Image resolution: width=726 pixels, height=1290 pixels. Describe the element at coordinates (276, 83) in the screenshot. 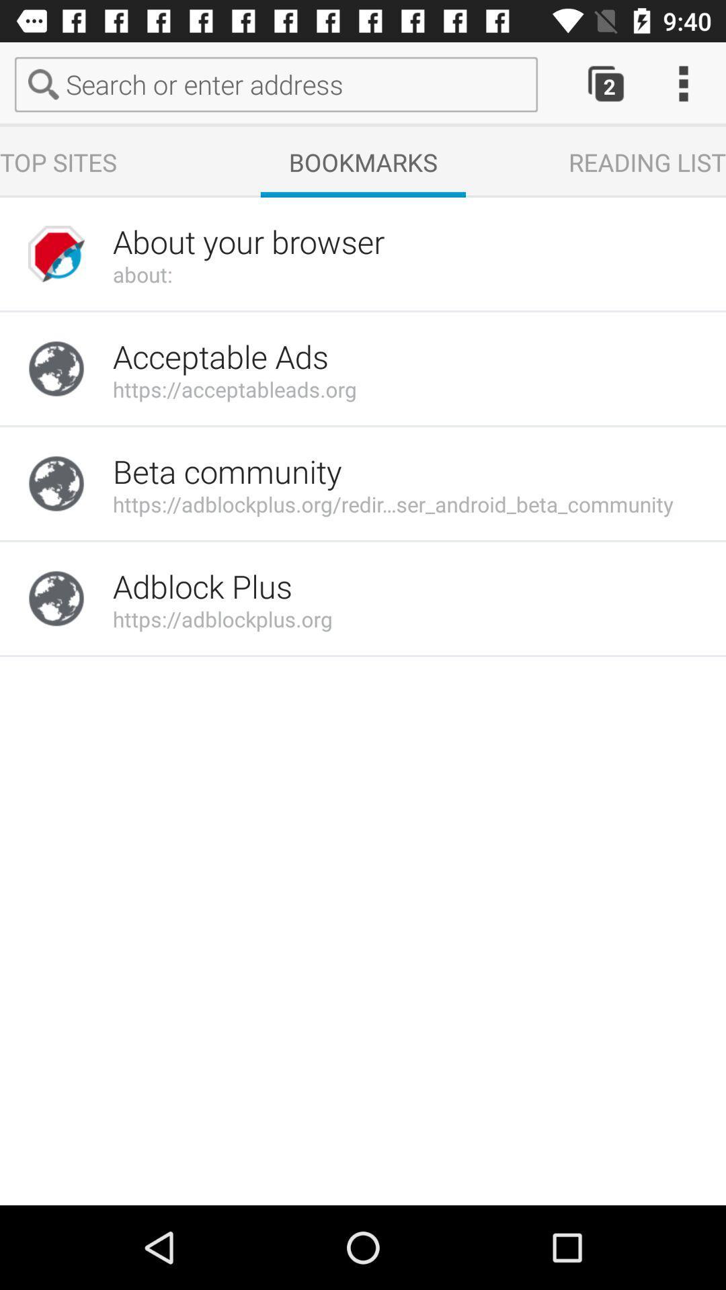

I see `the text field search or enter address` at that location.